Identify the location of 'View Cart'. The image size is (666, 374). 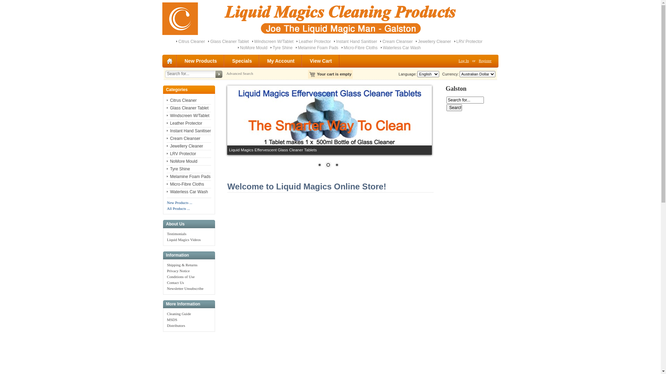
(321, 61).